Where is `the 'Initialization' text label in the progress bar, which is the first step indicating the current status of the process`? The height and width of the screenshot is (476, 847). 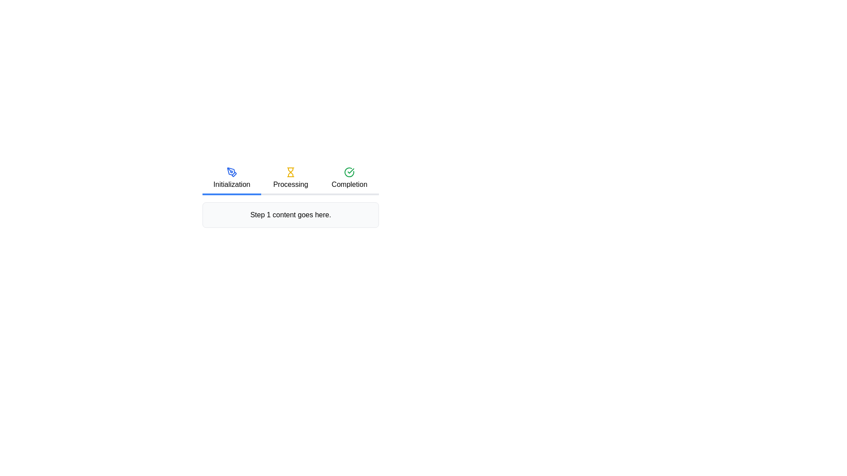 the 'Initialization' text label in the progress bar, which is the first step indicating the current status of the process is located at coordinates (232, 184).